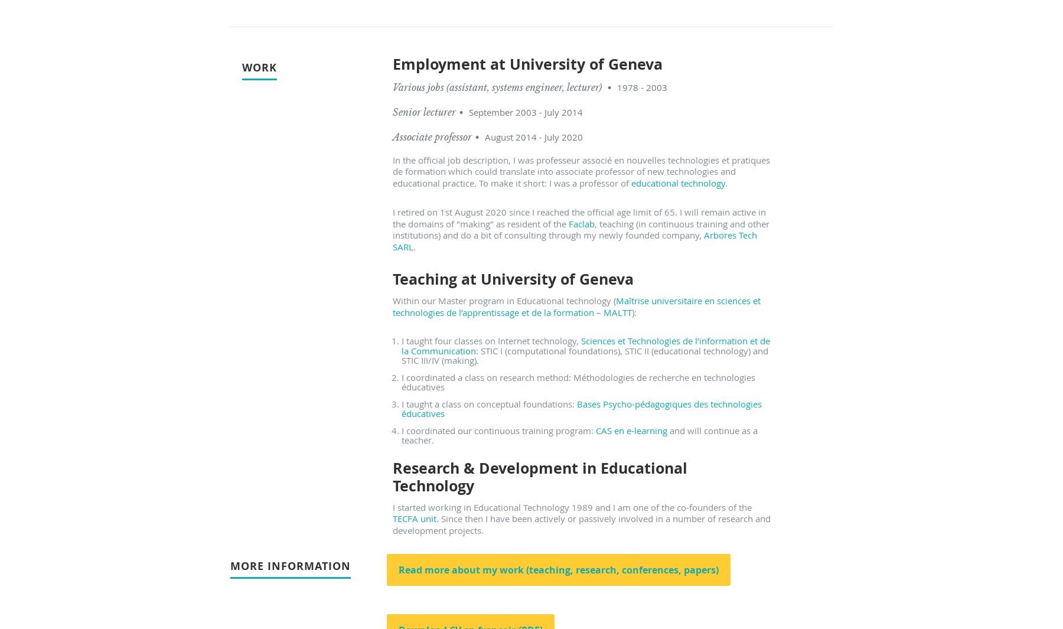  I want to click on 'I started working in Educational Technology 1989 and I am one of the co-founders of the', so click(571, 506).